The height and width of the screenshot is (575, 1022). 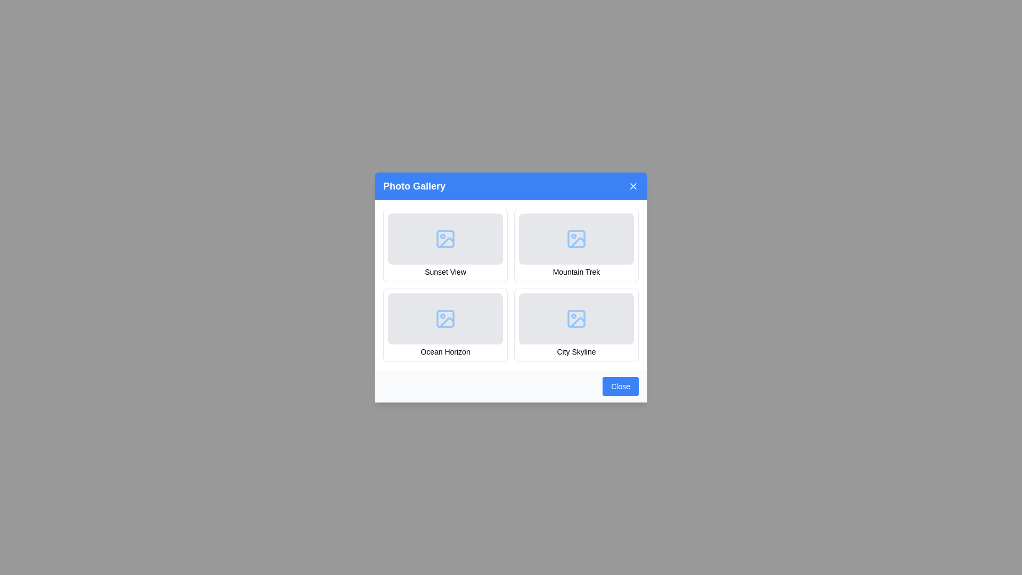 I want to click on the 'Ocean Horizon' image grid item located in the second row and first column of the grid layout, so click(x=445, y=324).